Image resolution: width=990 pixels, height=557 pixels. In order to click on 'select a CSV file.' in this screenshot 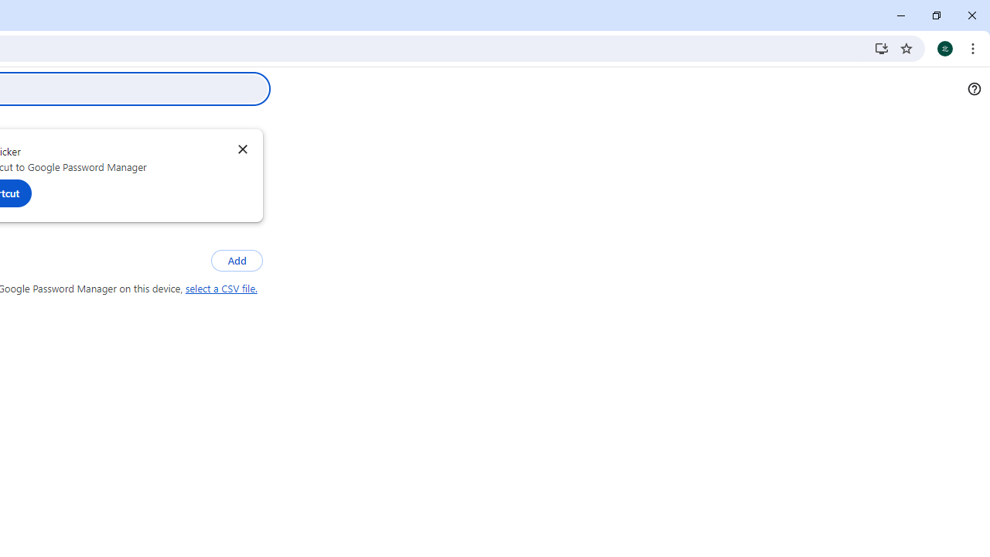, I will do `click(220, 289)`.